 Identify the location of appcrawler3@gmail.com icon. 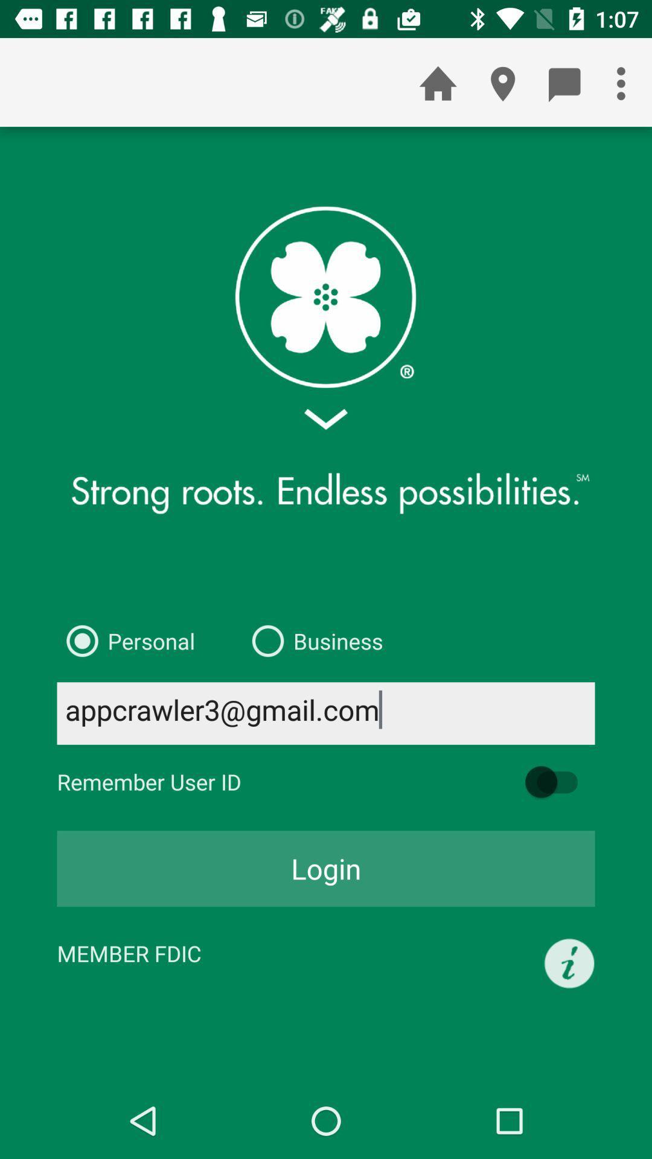
(326, 713).